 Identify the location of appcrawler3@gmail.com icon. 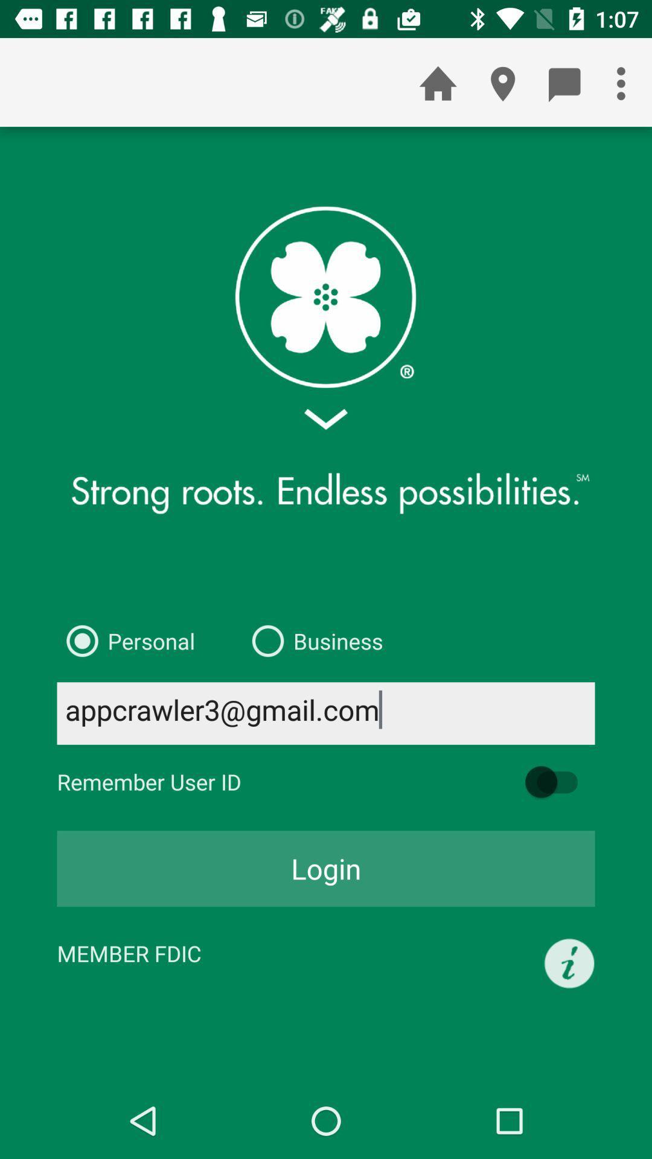
(326, 713).